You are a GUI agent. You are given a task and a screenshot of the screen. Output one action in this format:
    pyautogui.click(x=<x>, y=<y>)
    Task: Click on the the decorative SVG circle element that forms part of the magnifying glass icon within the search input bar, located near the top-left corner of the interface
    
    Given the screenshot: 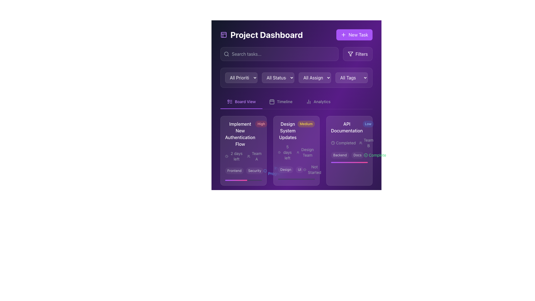 What is the action you would take?
    pyautogui.click(x=226, y=54)
    